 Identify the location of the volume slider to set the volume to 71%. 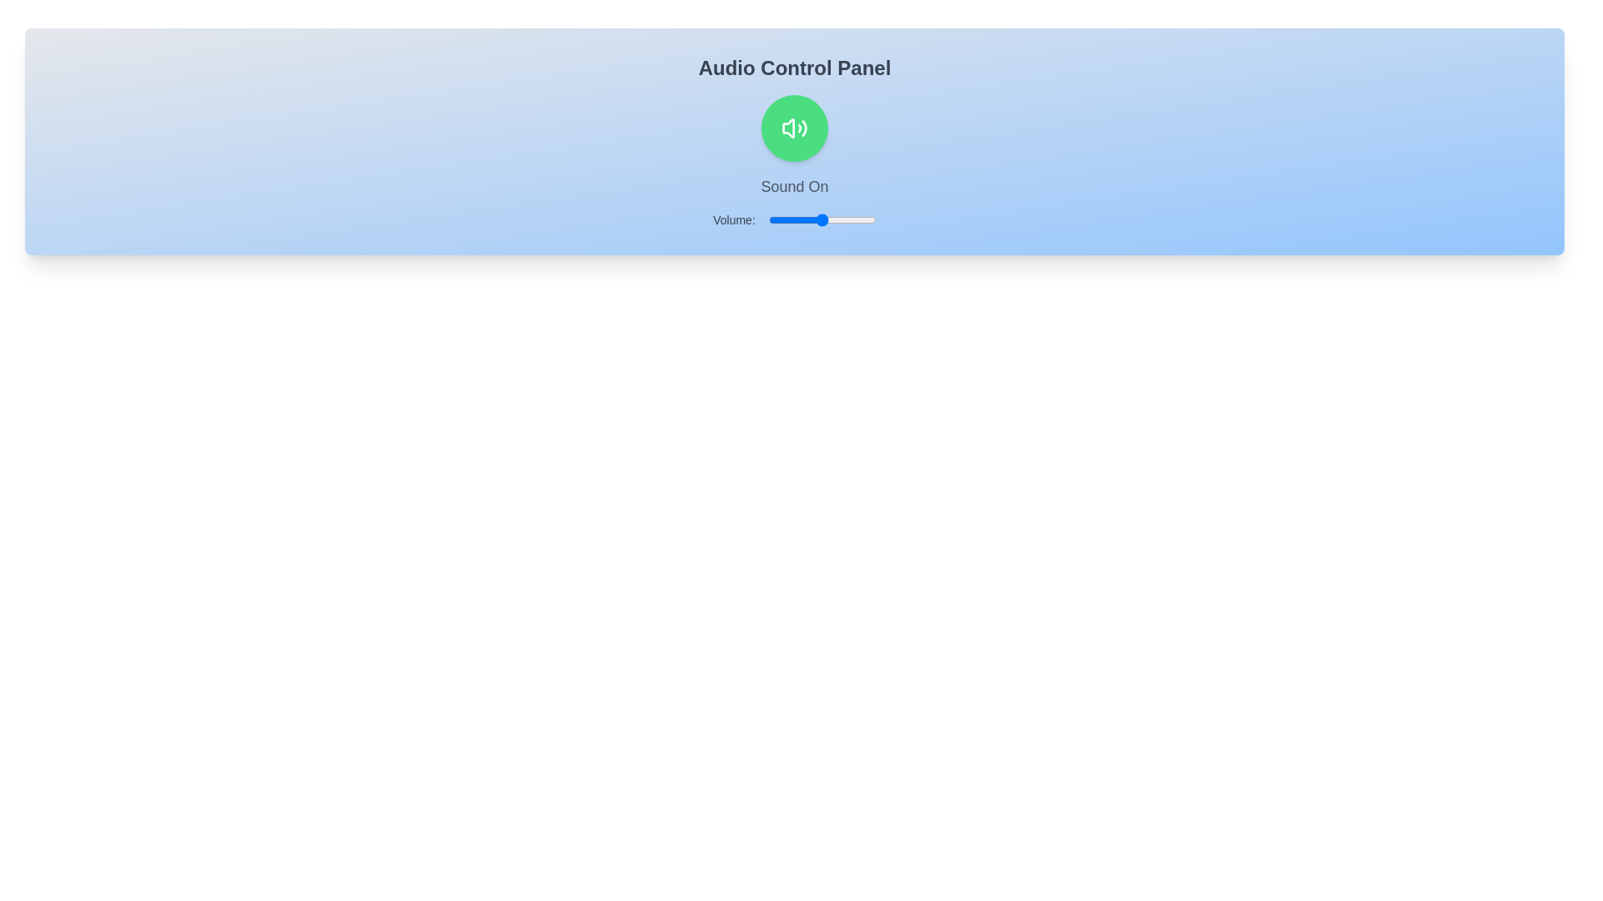
(845, 219).